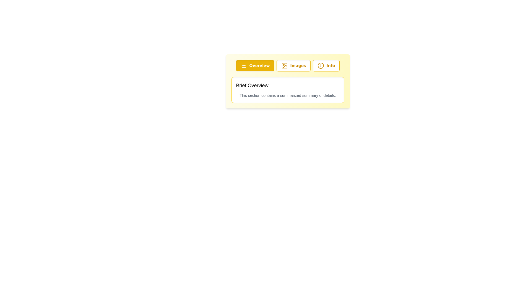  Describe the element at coordinates (293, 65) in the screenshot. I see `the 'Images' button, which is a rectangular button with rounded corners, a white background, a yellow border, and displays an image icon followed by the text 'Images' in yellow` at that location.